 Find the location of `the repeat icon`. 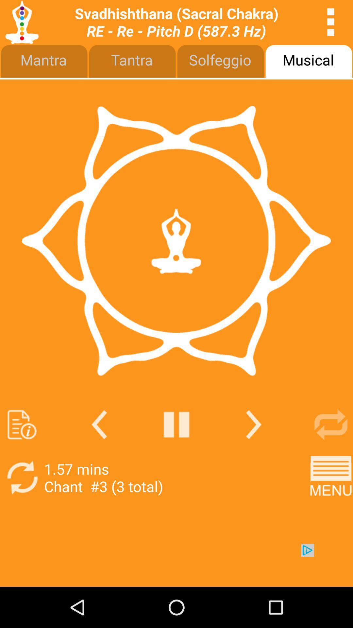

the repeat icon is located at coordinates (331, 454).